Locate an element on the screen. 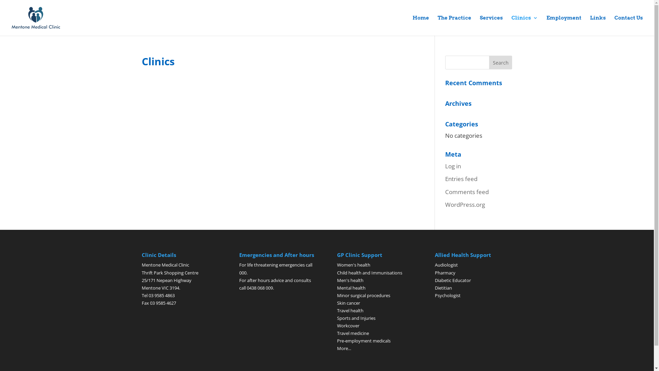  'Home' is located at coordinates (420, 25).